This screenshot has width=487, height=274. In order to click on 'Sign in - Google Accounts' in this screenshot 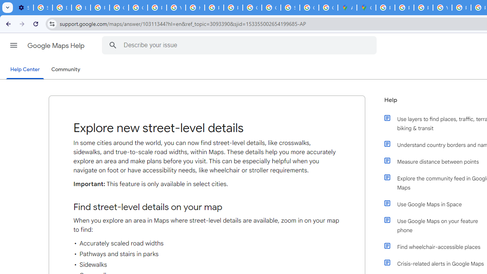, I will do `click(43, 8)`.